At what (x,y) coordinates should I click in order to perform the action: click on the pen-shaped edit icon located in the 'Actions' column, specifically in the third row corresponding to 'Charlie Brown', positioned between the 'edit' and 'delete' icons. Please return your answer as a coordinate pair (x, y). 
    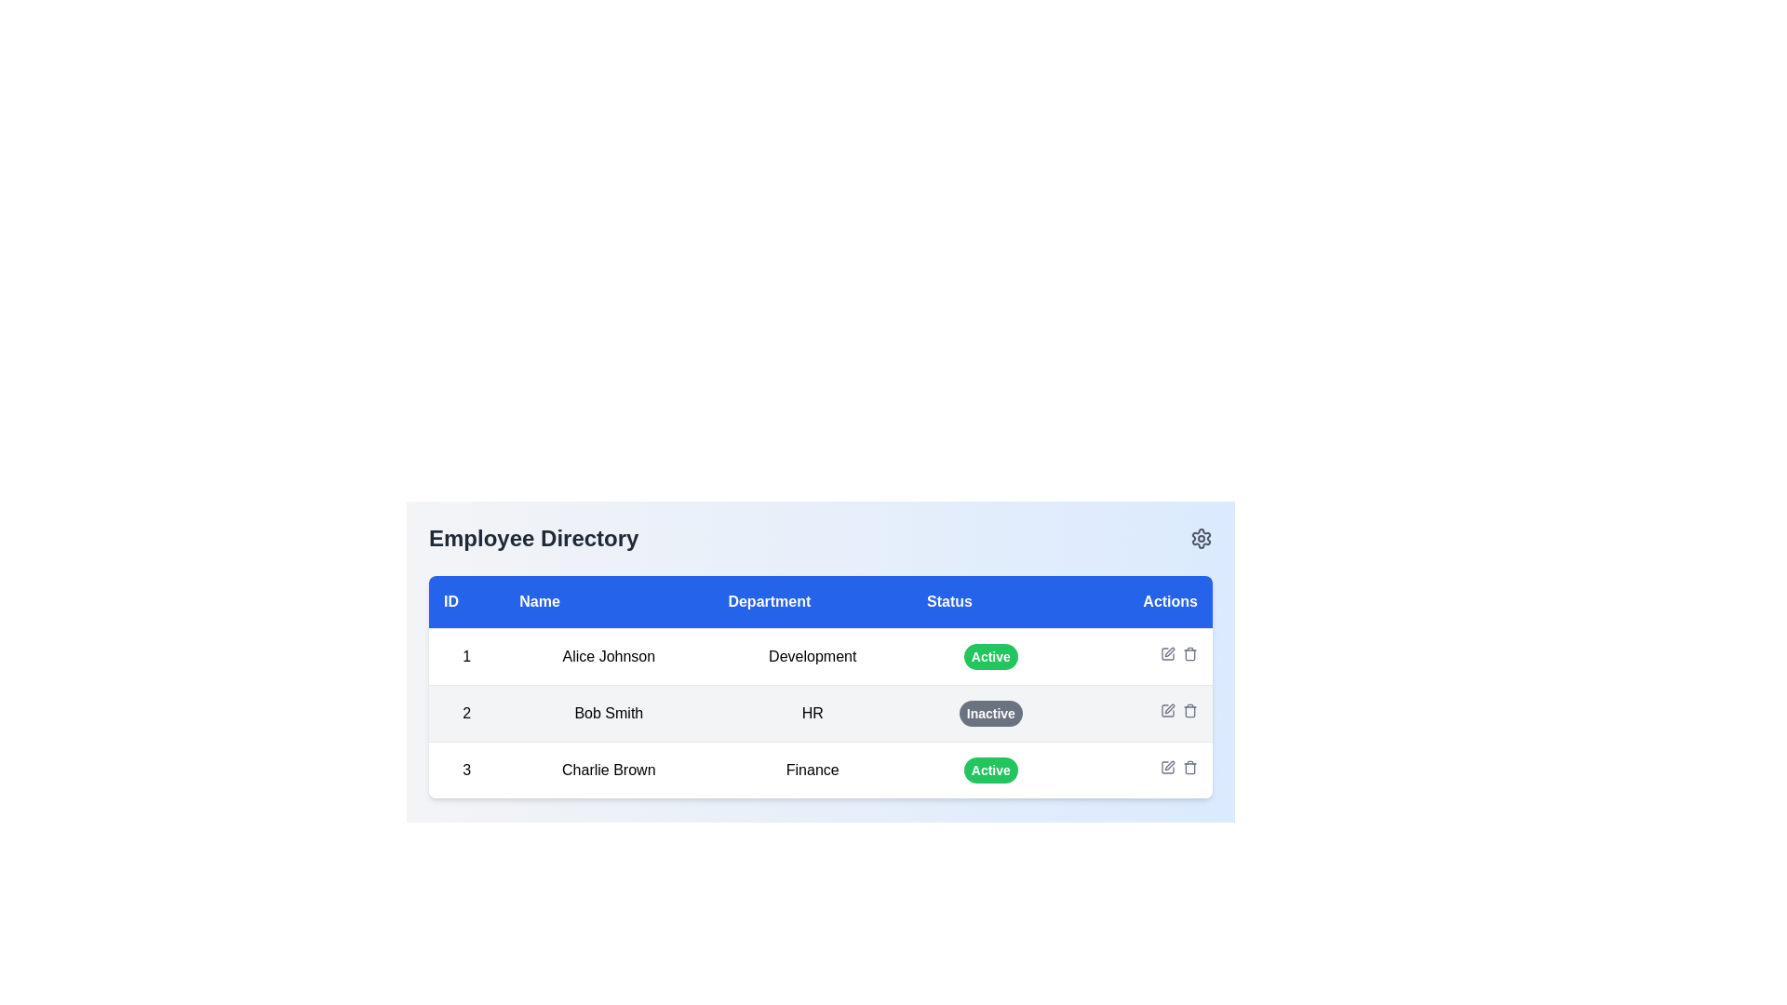
    Looking at the image, I should click on (1169, 765).